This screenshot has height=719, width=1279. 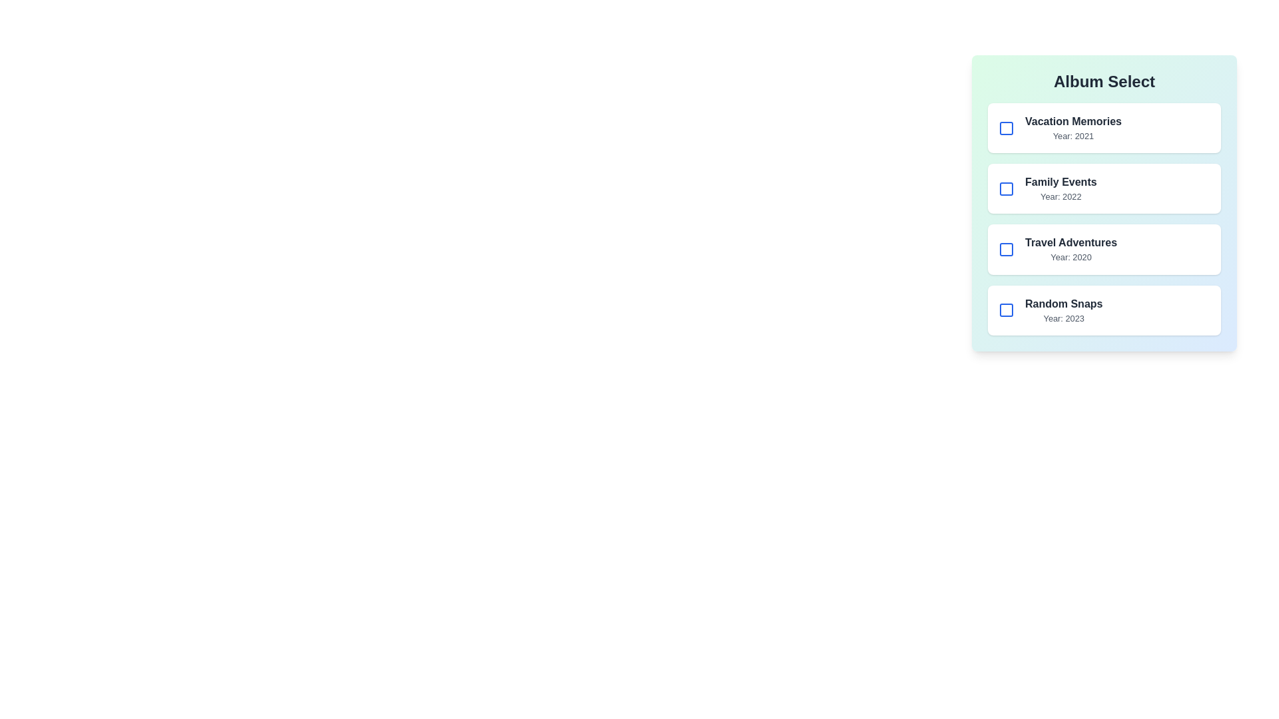 What do you see at coordinates (1104, 249) in the screenshot?
I see `the album item corresponding to Travel Adventures` at bounding box center [1104, 249].